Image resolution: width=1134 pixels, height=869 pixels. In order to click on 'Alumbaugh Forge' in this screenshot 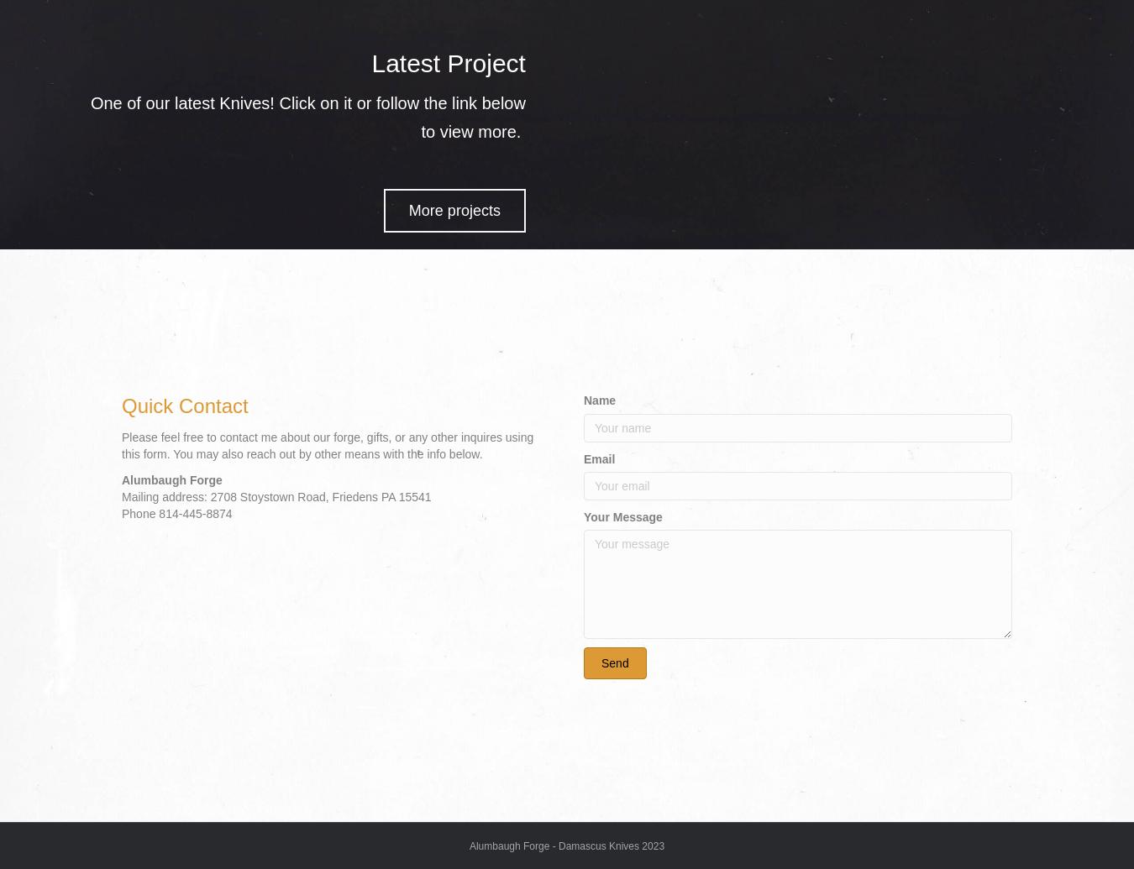, I will do `click(171, 479)`.